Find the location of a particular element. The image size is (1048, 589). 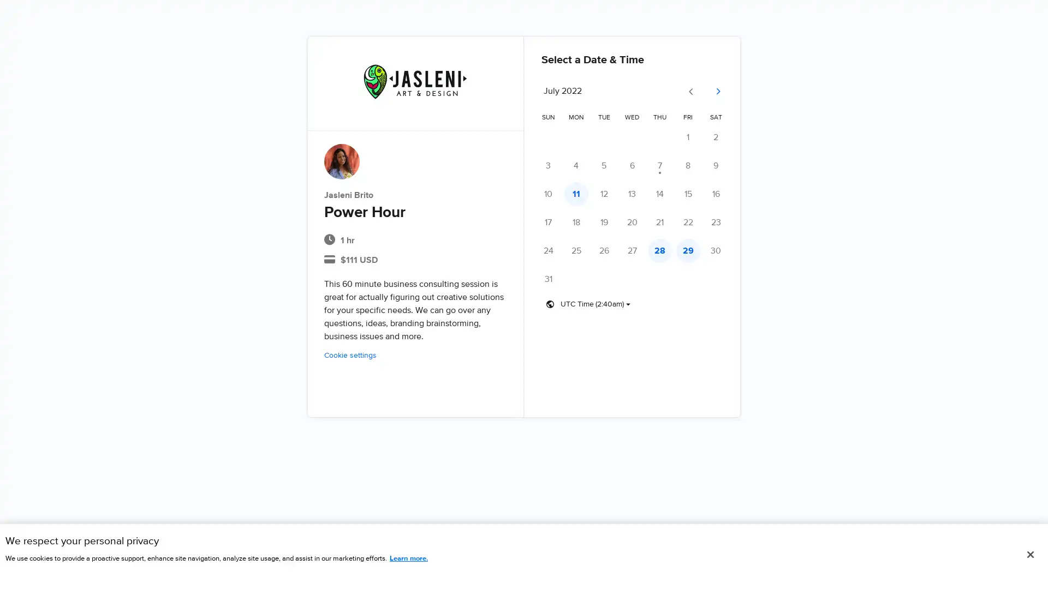

Sunday, July 31 - No times available is located at coordinates (547, 279).